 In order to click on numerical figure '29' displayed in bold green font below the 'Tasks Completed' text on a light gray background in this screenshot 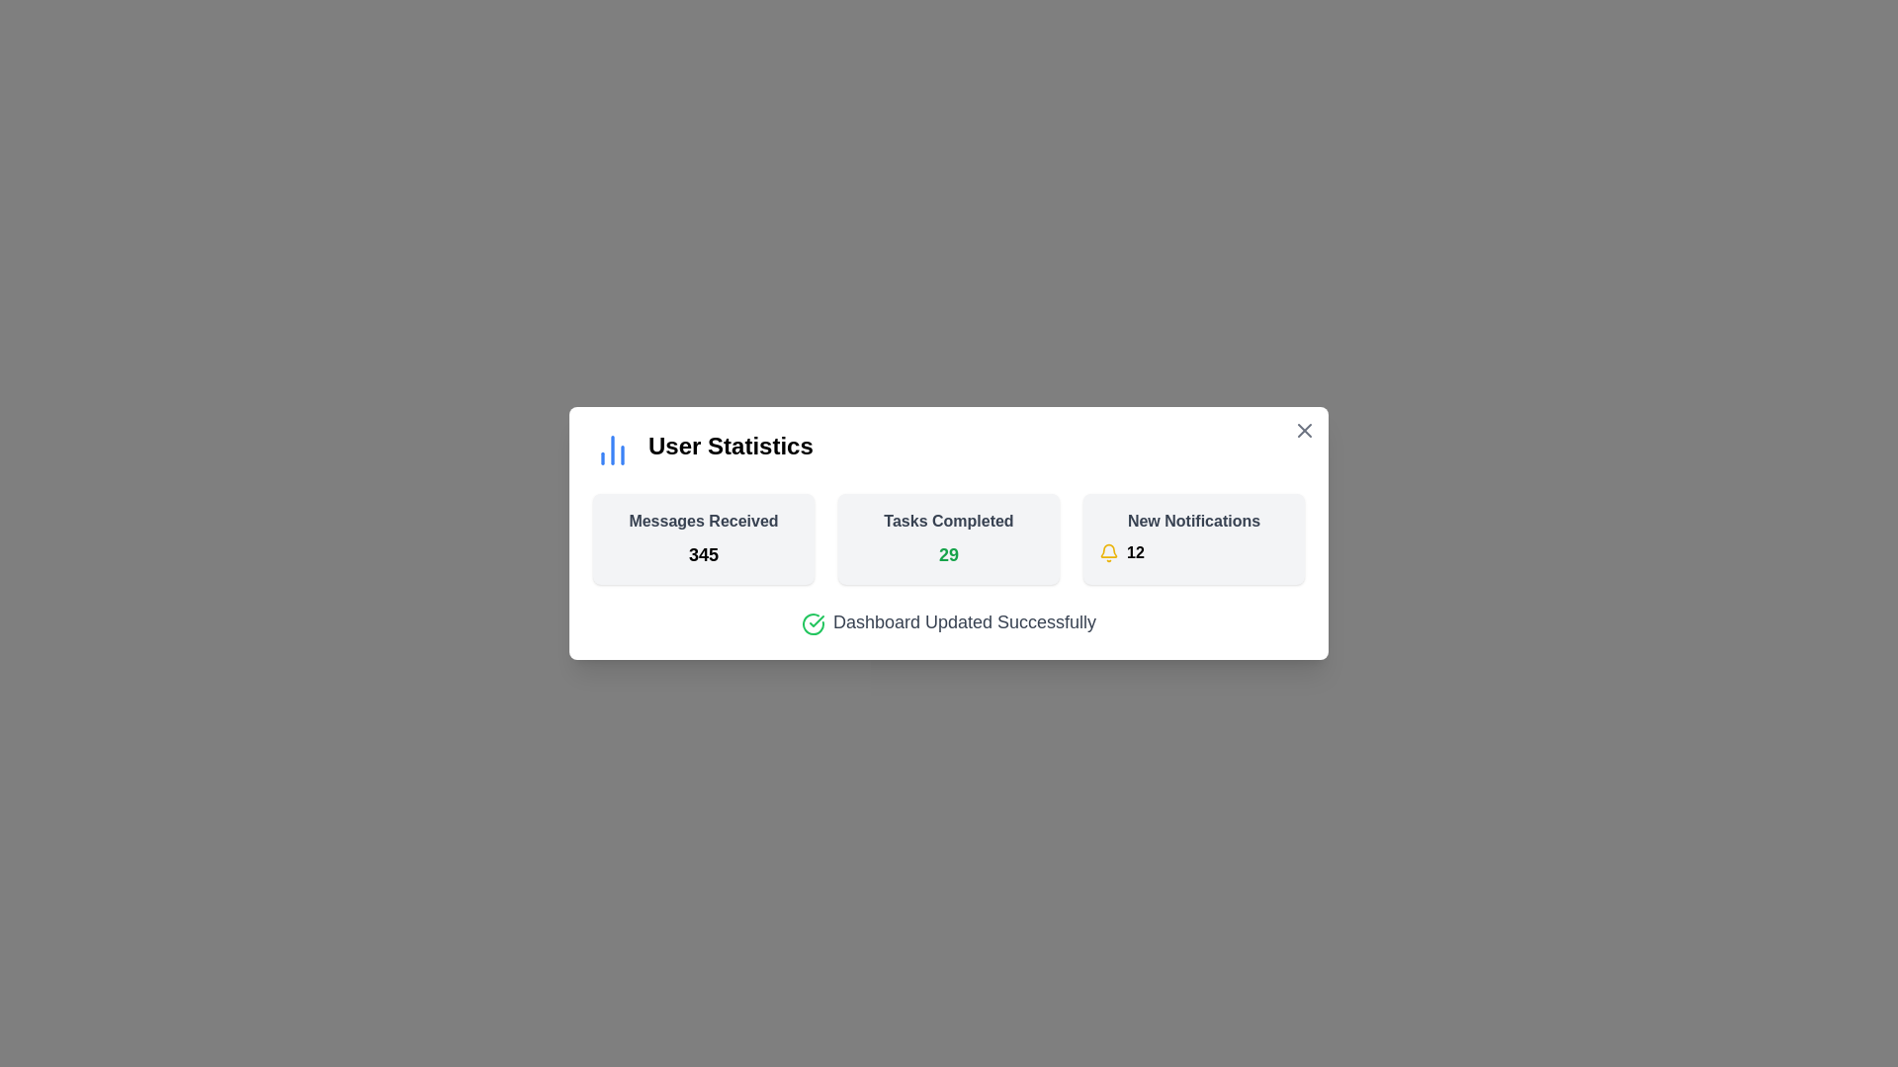, I will do `click(949, 555)`.